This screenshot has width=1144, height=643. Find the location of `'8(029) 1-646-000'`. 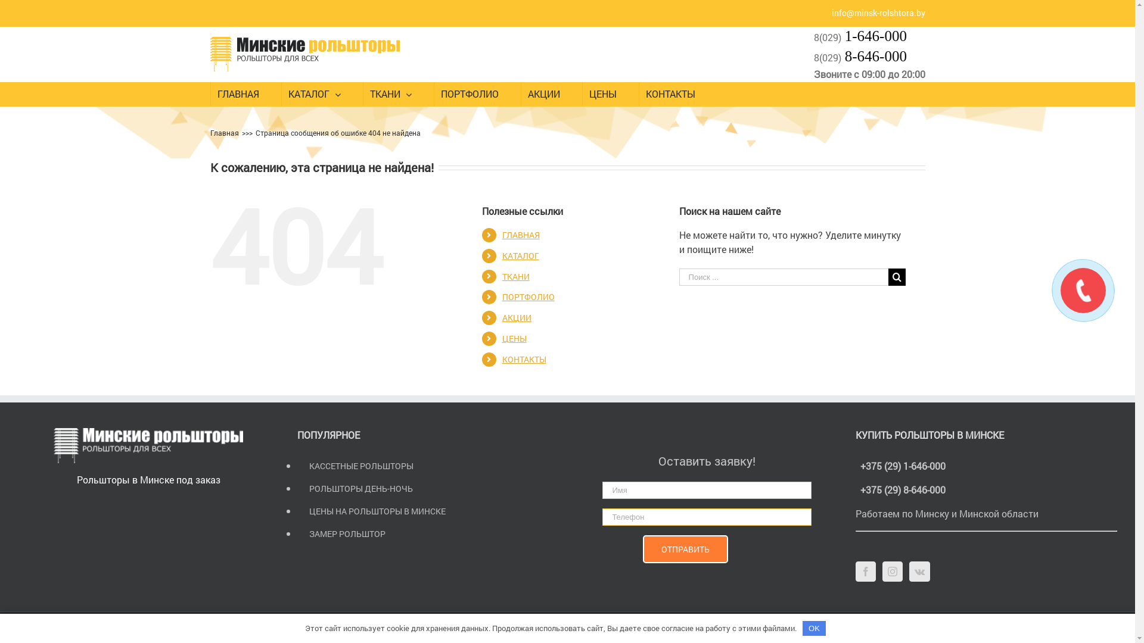

'8(029) 1-646-000' is located at coordinates (860, 36).